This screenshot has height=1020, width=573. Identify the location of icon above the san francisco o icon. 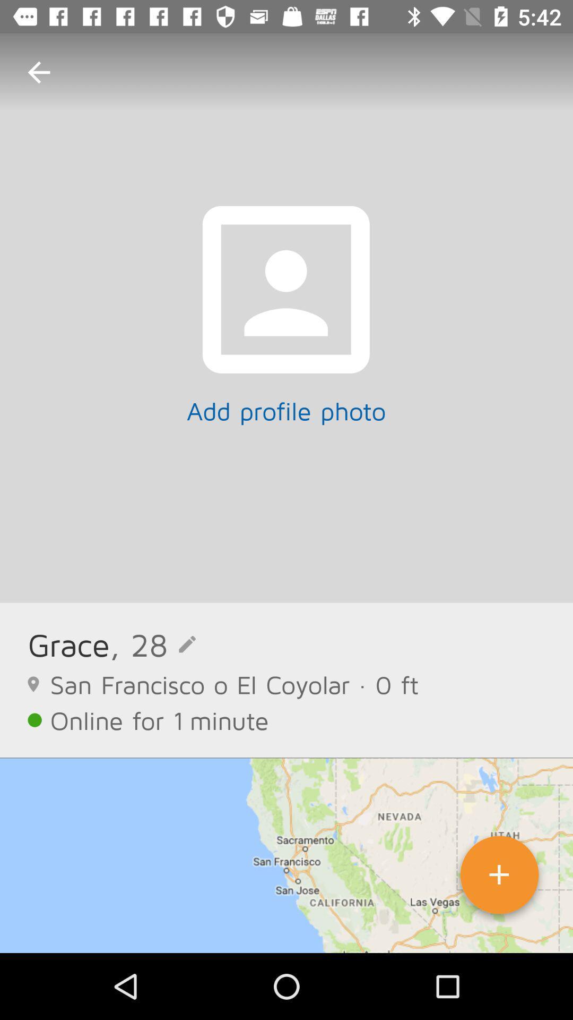
(153, 644).